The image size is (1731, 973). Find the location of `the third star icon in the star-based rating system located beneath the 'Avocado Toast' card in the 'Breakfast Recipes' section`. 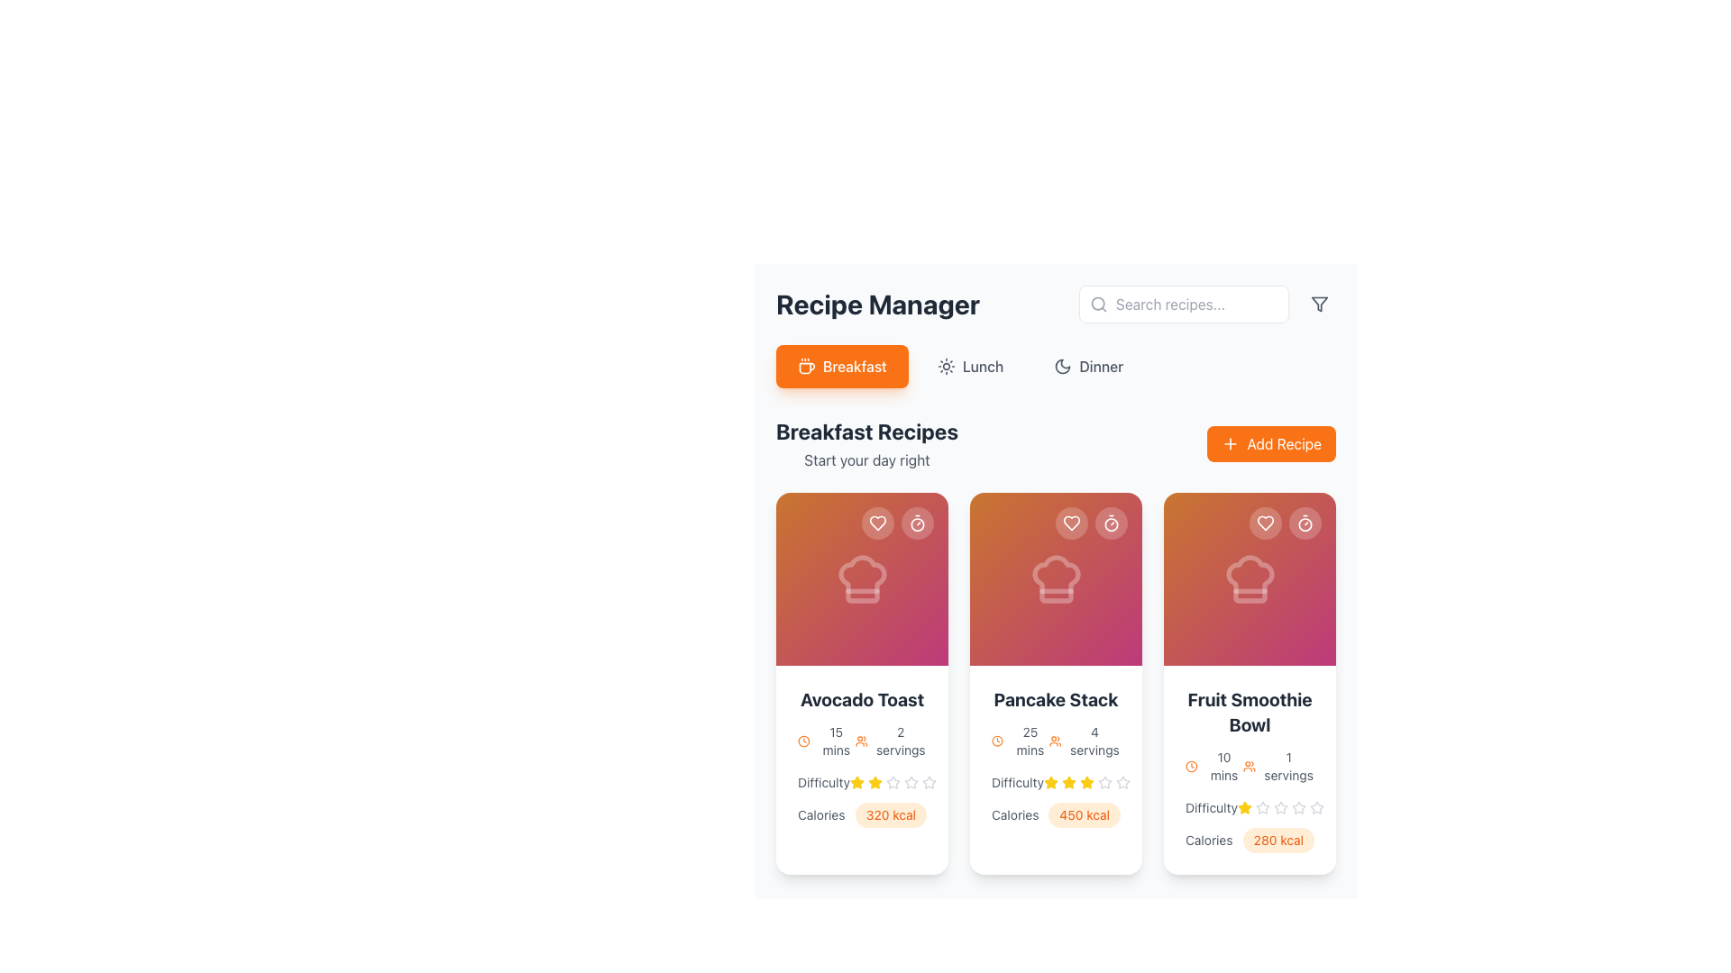

the third star icon in the star-based rating system located beneath the 'Avocado Toast' card in the 'Breakfast Recipes' section is located at coordinates (875, 781).